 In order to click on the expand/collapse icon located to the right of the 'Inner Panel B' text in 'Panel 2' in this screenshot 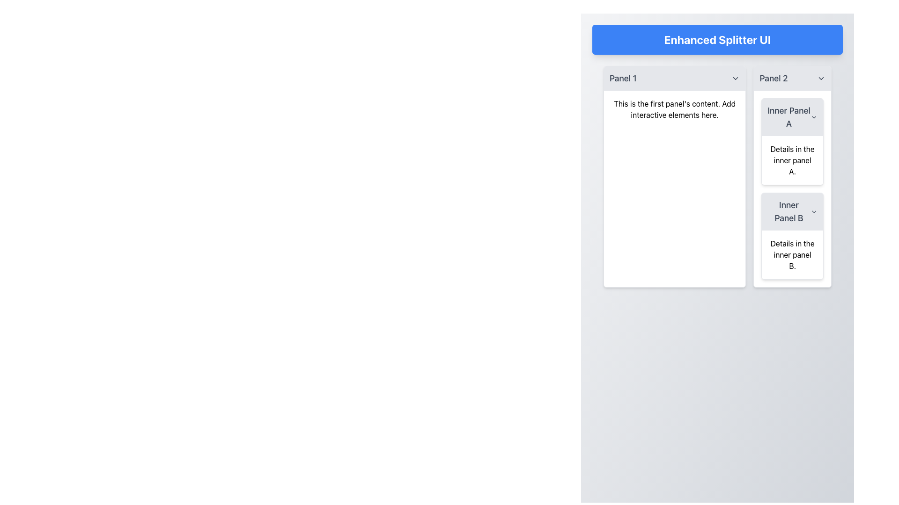, I will do `click(813, 211)`.